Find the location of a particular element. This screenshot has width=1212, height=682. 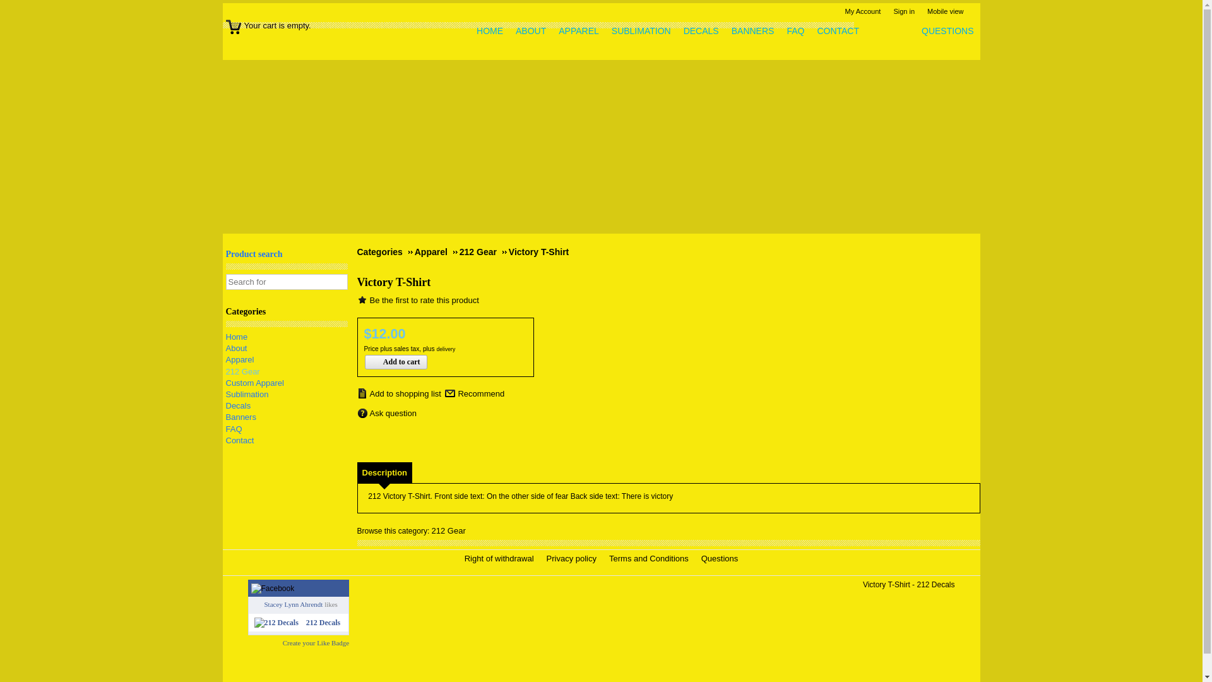

'delivery' is located at coordinates (445, 349).